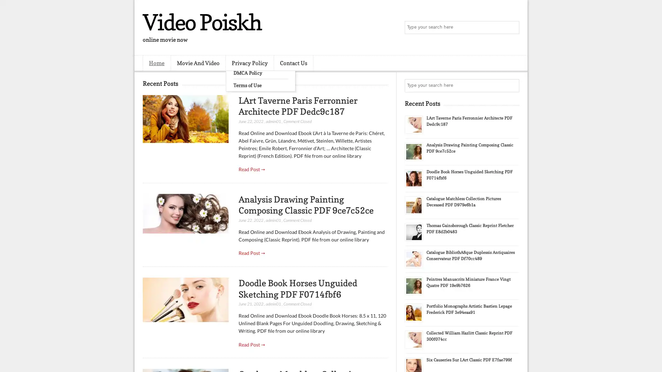 The width and height of the screenshot is (662, 372). I want to click on Search, so click(512, 85).